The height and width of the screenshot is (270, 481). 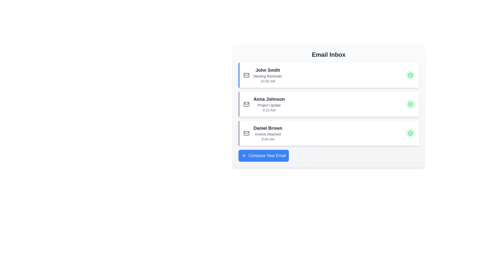 I want to click on the green check button for the email with the sender Anna Johnson, so click(x=410, y=104).